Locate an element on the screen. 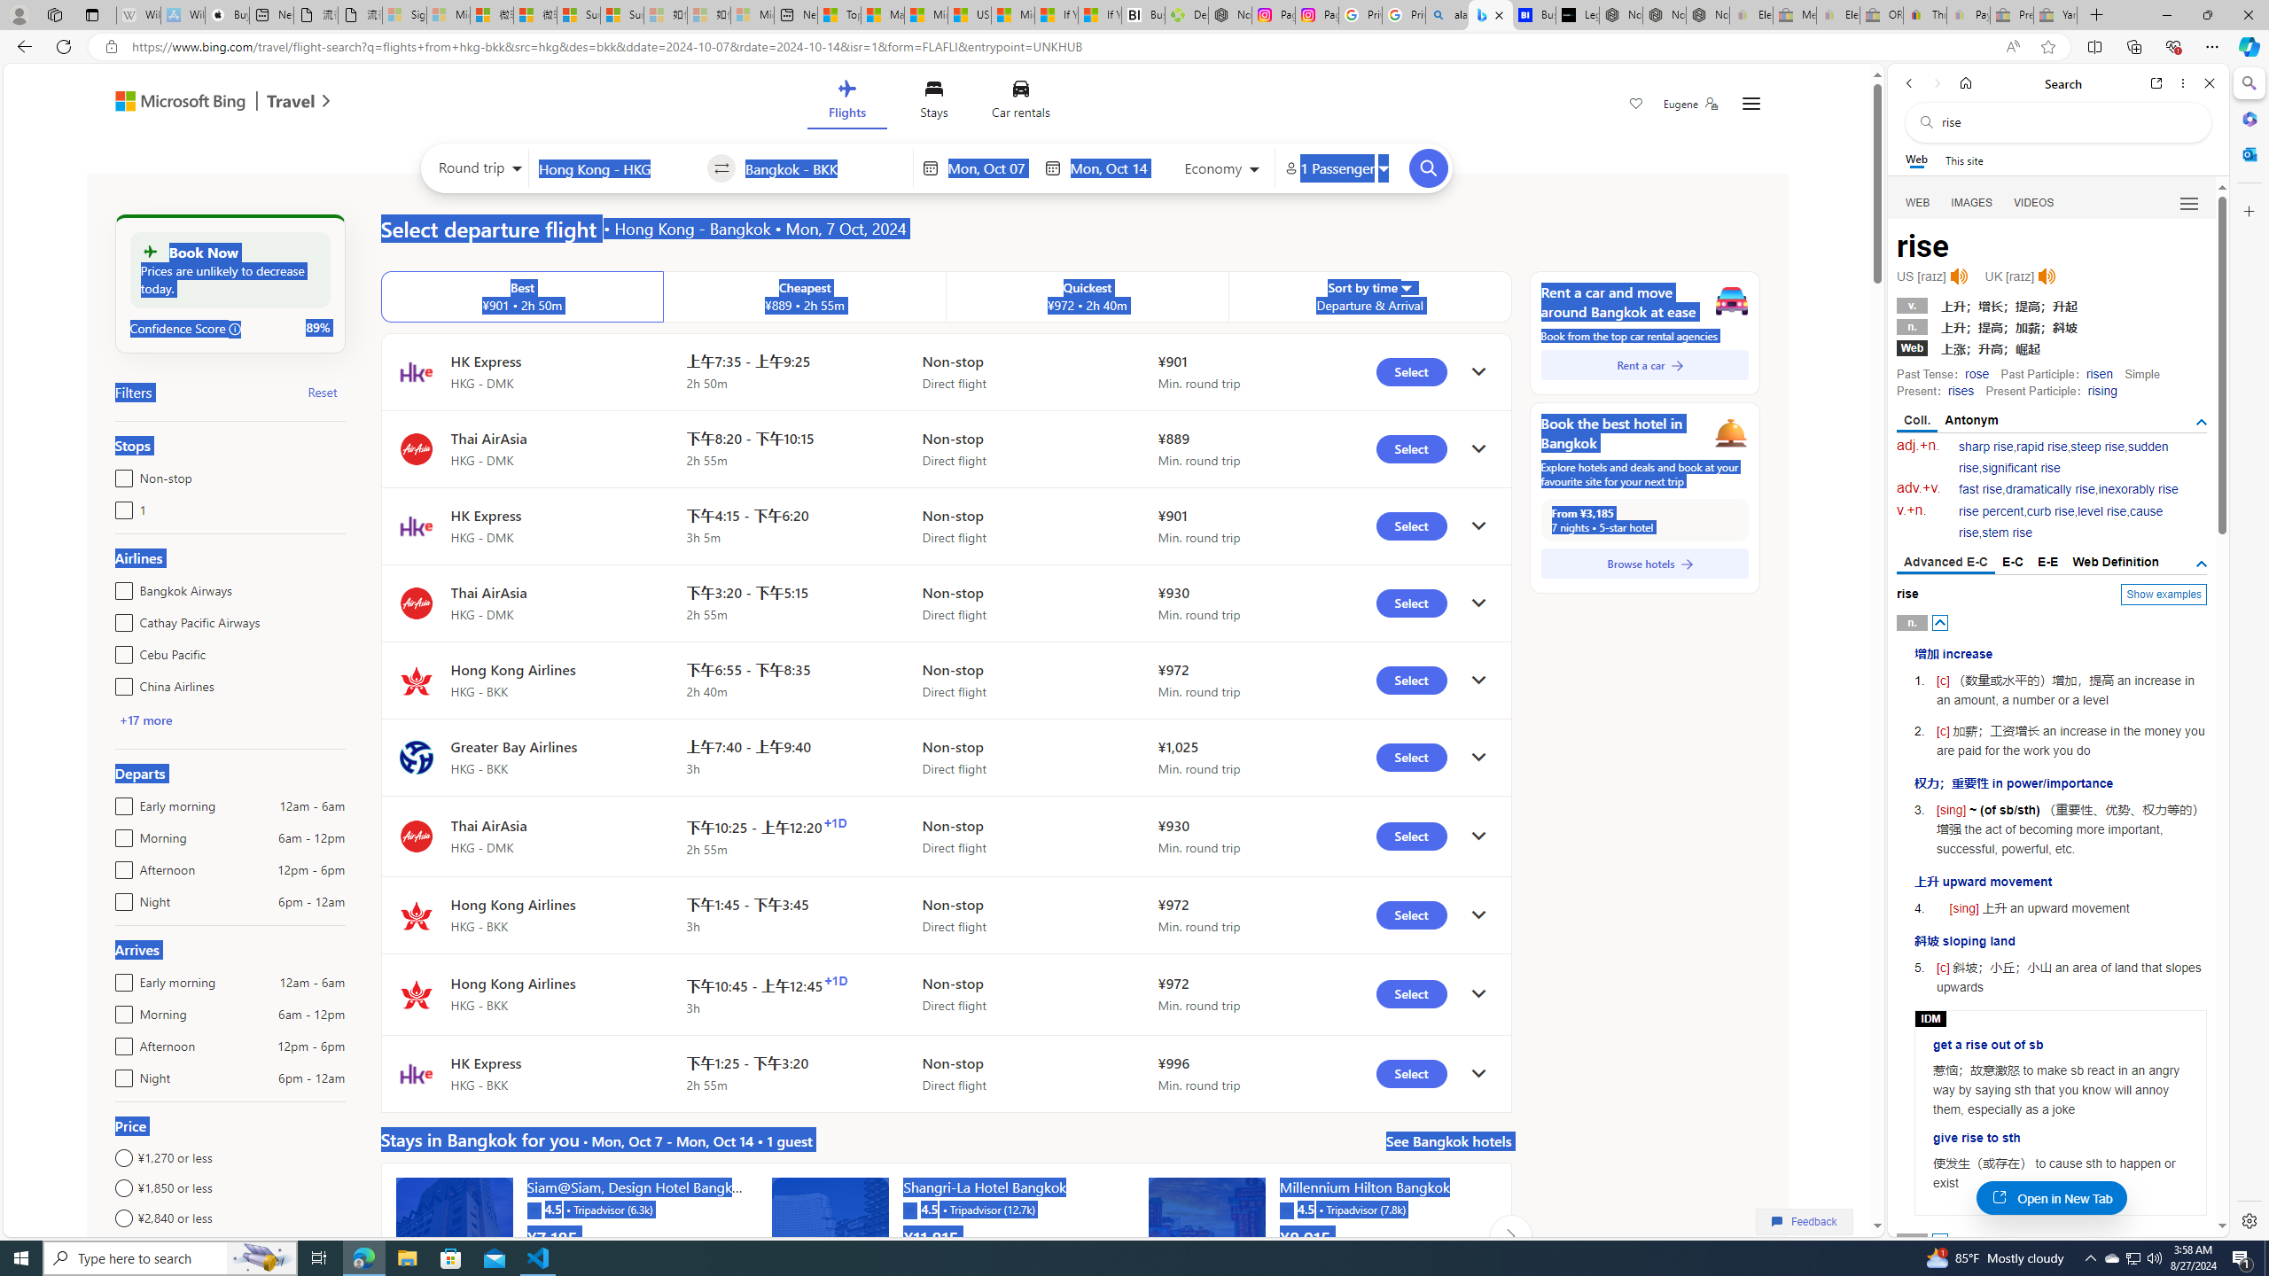 Image resolution: width=2269 pixels, height=1276 pixels. 'sudden rise' is located at coordinates (2062, 457).